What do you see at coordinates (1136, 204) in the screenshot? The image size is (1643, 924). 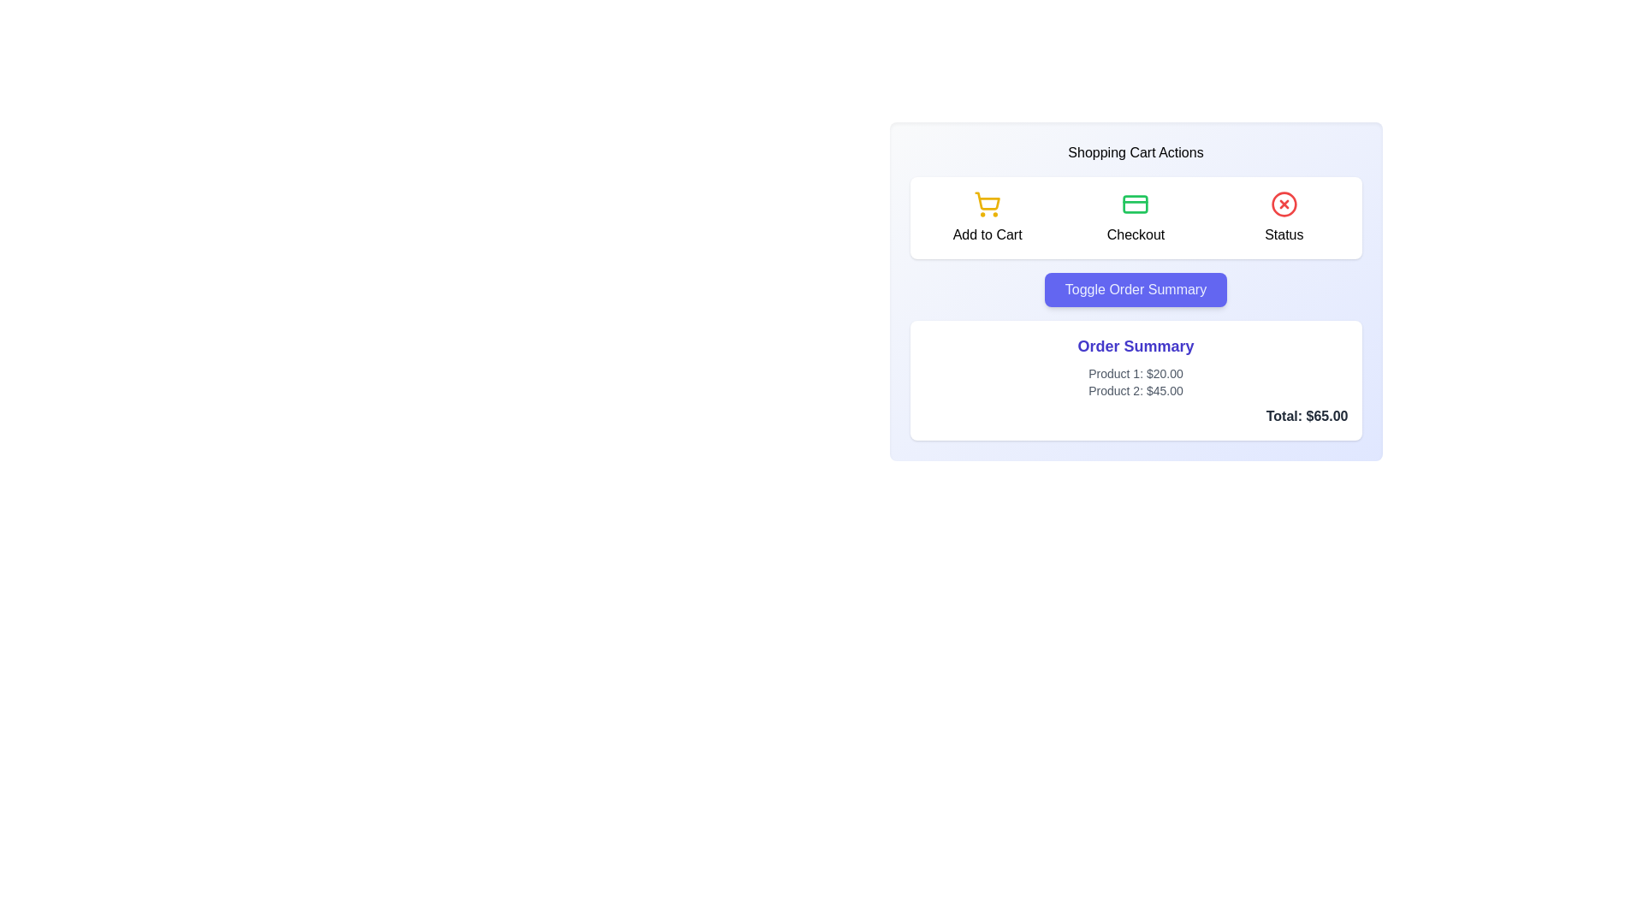 I see `the small rectangular component with rounded corners that is part of the credit card icon within the 'Checkout' button` at bounding box center [1136, 204].